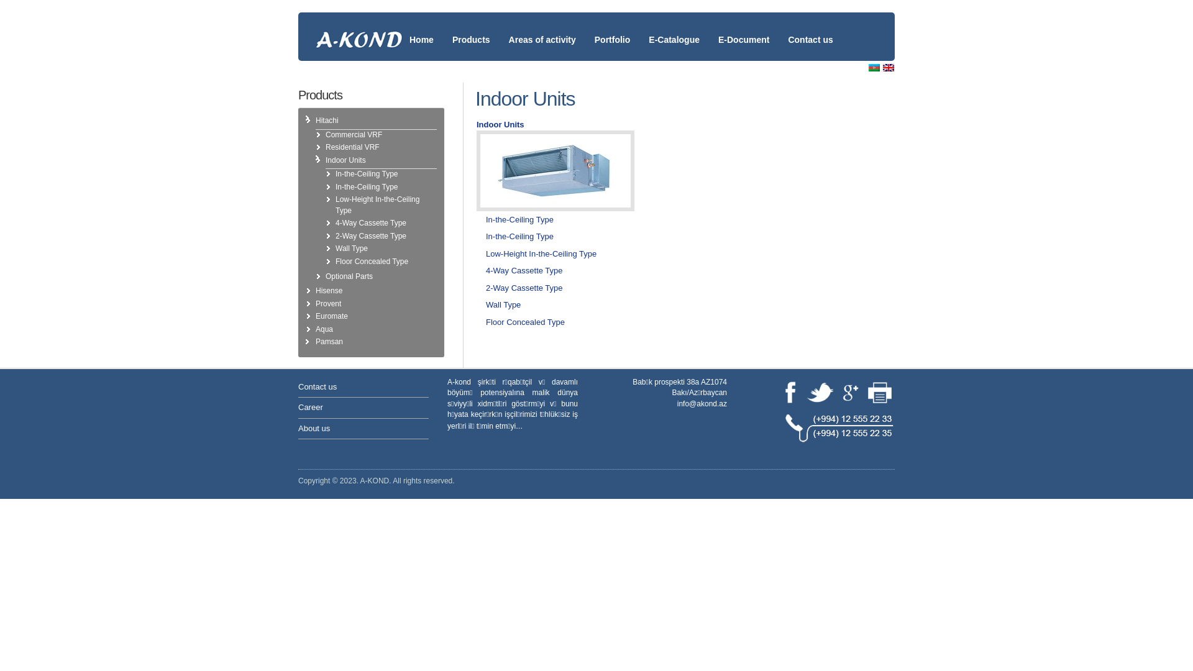  Describe the element at coordinates (503, 304) in the screenshot. I see `'Wall Type'` at that location.